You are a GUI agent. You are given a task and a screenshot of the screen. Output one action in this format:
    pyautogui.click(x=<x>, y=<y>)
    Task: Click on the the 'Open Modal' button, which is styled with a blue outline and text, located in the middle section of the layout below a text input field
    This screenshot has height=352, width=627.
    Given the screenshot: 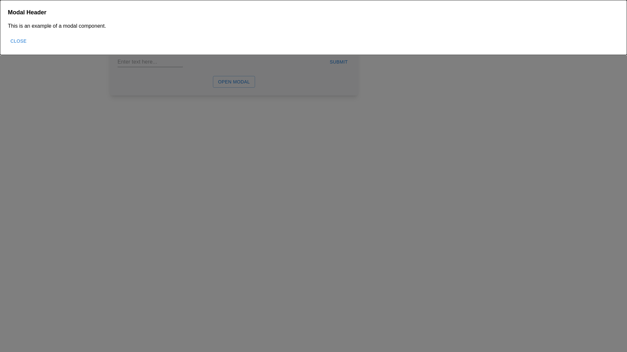 What is the action you would take?
    pyautogui.click(x=234, y=81)
    